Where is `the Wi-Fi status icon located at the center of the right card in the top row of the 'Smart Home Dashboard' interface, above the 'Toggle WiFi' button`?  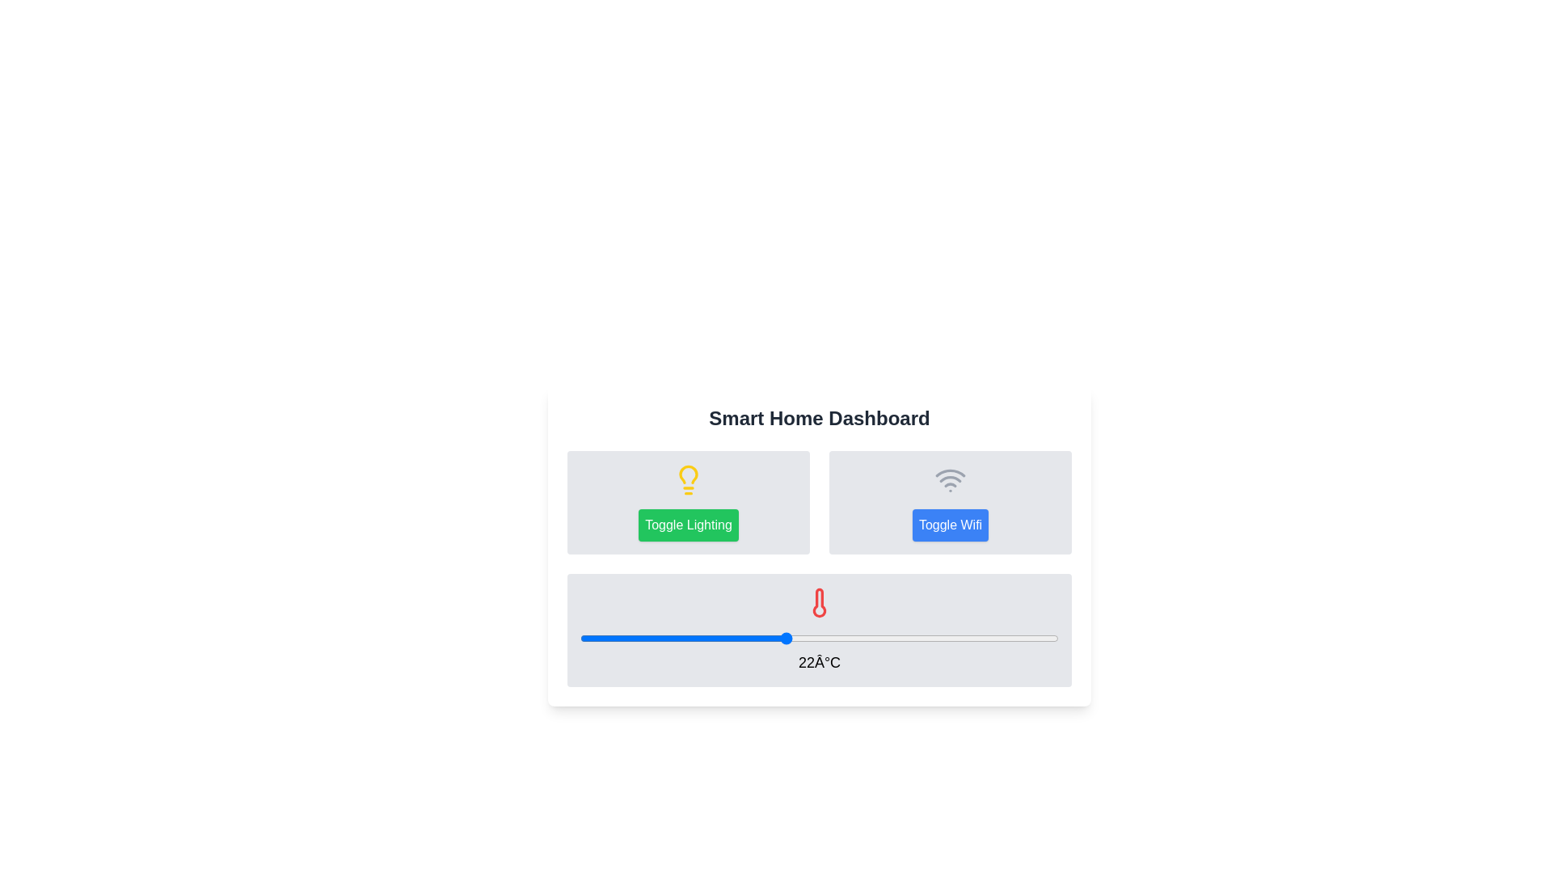 the Wi-Fi status icon located at the center of the right card in the top row of the 'Smart Home Dashboard' interface, above the 'Toggle WiFi' button is located at coordinates (951, 479).